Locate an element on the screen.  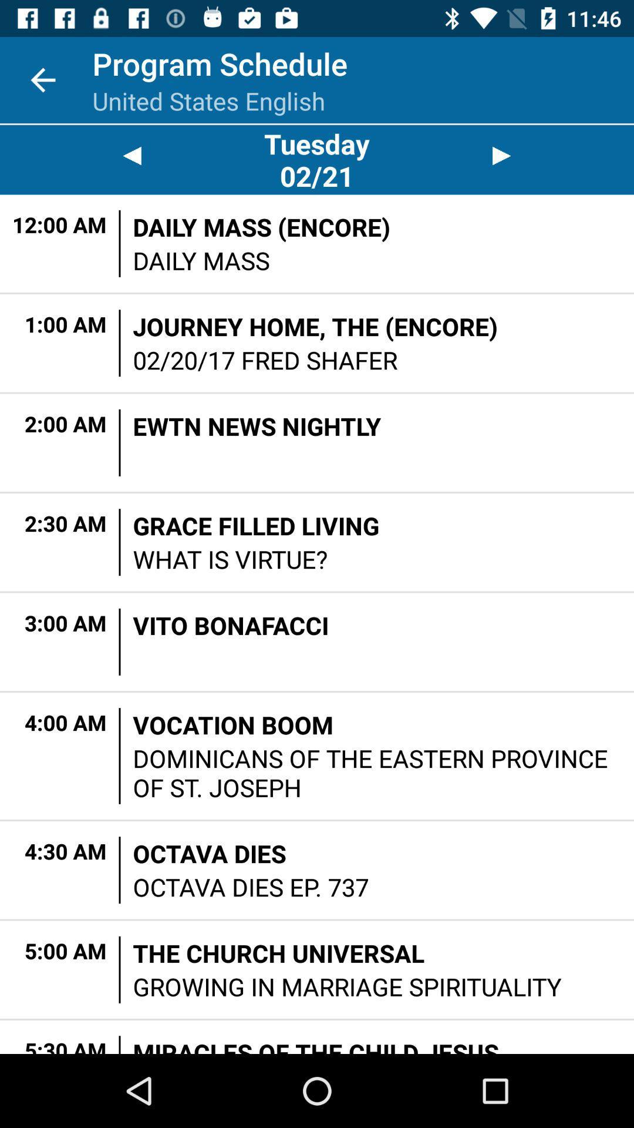
item to the left of the ewtn news nightly icon is located at coordinates (120, 442).